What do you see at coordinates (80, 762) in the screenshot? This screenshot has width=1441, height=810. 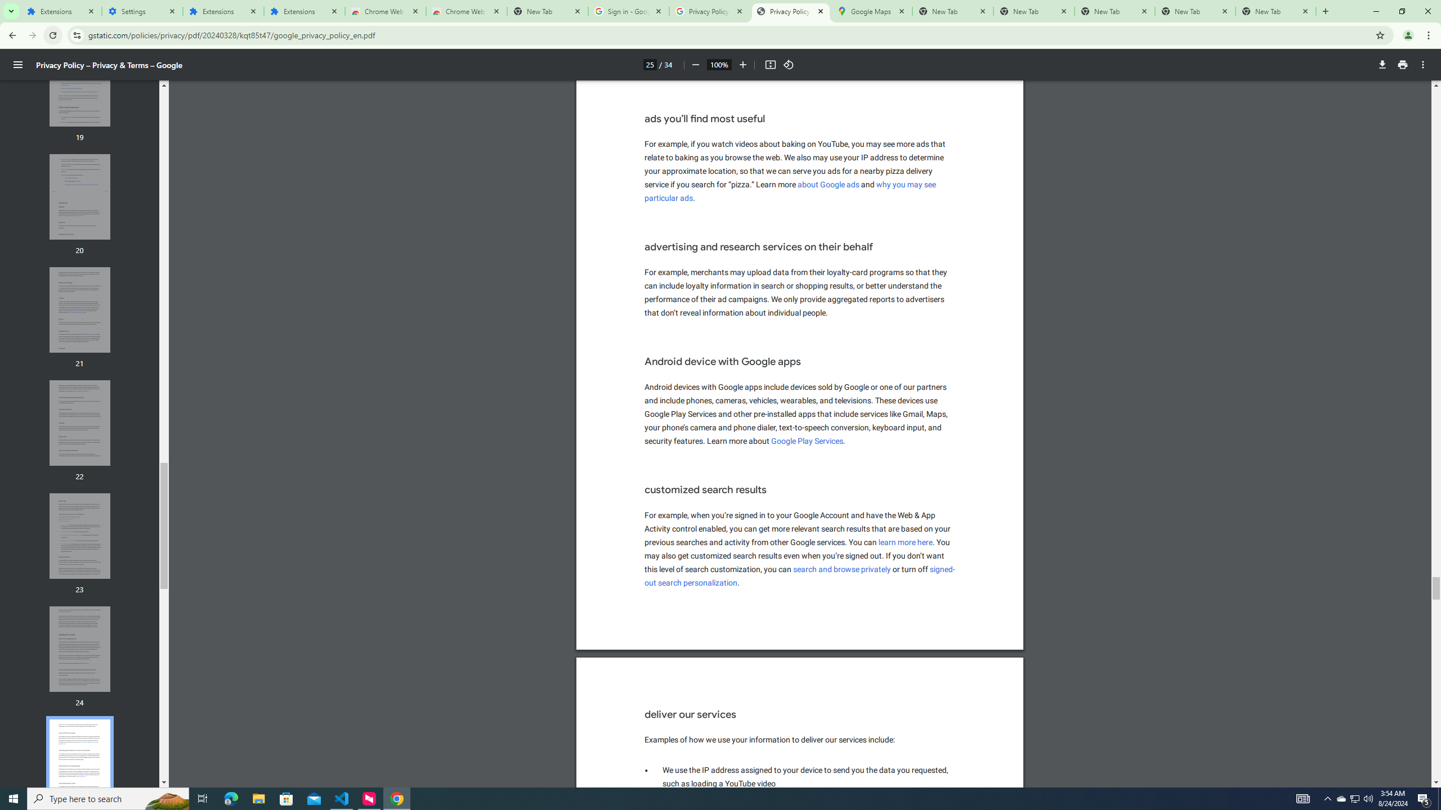 I see `'Thumbnail for page 25'` at bounding box center [80, 762].